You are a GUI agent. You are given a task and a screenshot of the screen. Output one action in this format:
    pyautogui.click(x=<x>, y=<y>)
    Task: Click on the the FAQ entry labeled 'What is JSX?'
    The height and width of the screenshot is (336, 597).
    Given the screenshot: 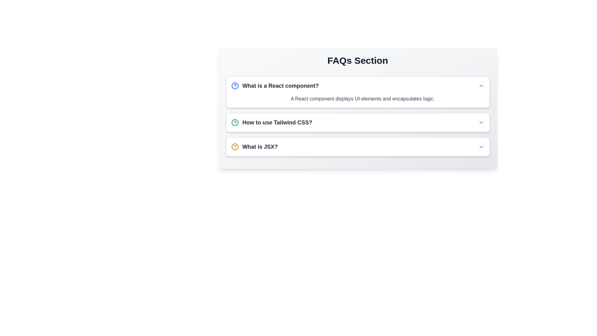 What is the action you would take?
    pyautogui.click(x=358, y=147)
    